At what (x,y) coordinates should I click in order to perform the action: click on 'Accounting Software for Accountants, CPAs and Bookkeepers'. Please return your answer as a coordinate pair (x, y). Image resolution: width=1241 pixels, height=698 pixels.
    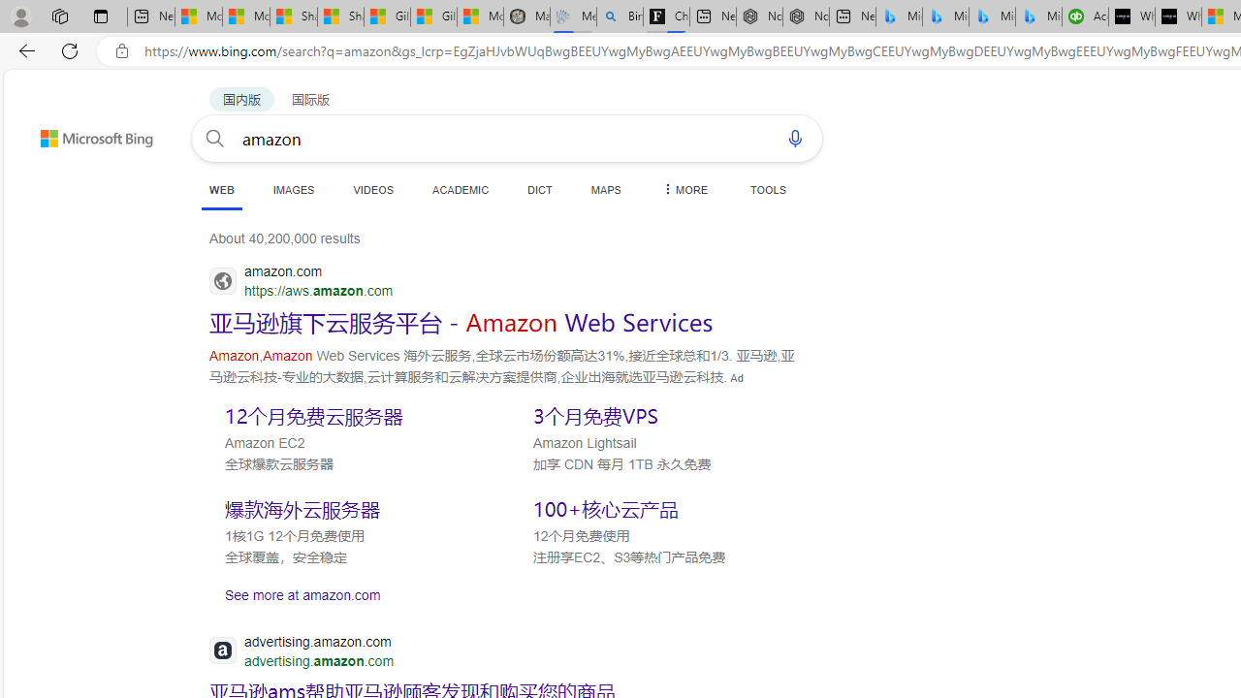
    Looking at the image, I should click on (1084, 16).